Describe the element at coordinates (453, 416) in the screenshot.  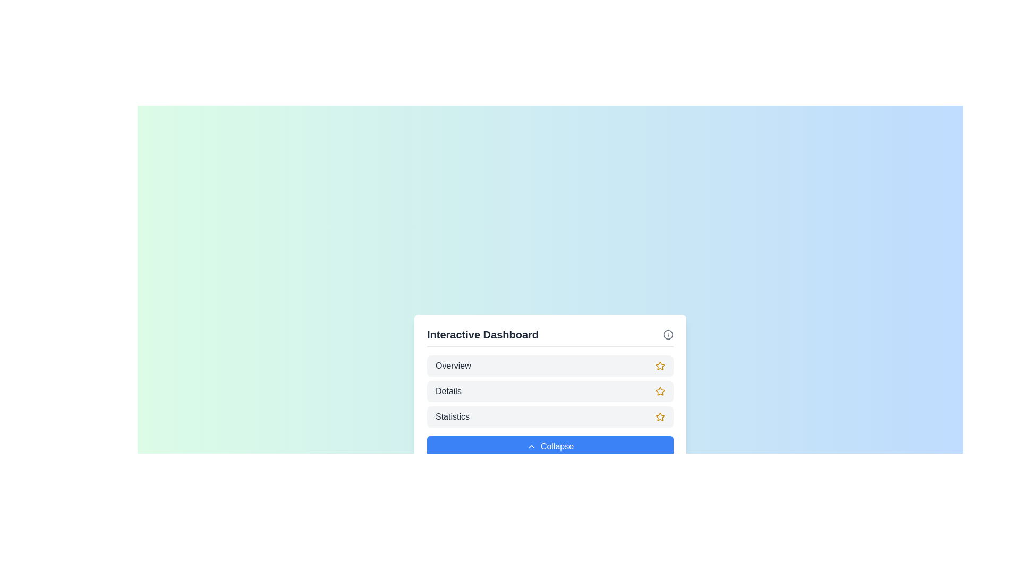
I see `text from the Label that is positioned to the left of the interactive star icon, located within the third navigation entry below 'Overview' and 'Details'` at that location.